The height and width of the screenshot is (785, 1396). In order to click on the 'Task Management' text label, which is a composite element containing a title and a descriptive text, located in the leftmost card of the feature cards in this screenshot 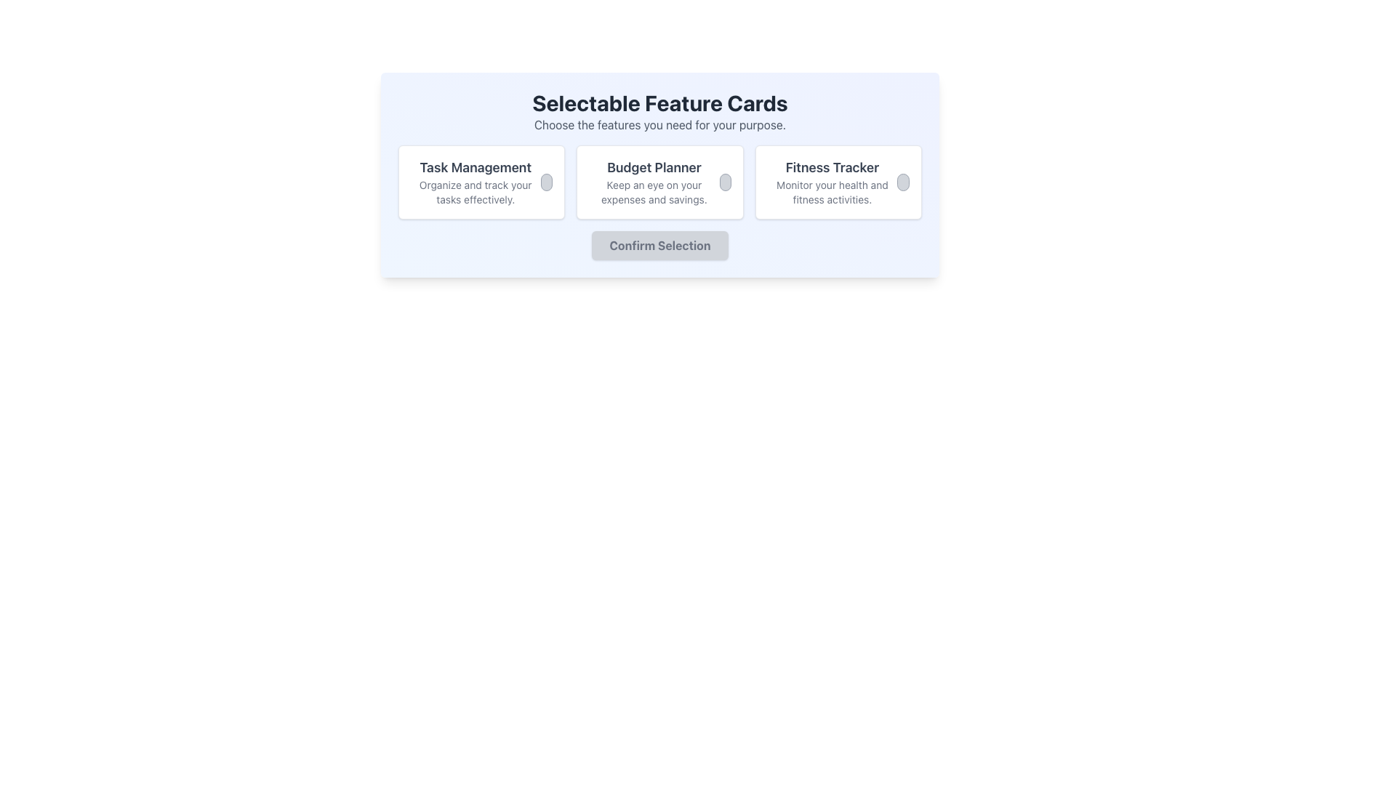, I will do `click(476, 181)`.